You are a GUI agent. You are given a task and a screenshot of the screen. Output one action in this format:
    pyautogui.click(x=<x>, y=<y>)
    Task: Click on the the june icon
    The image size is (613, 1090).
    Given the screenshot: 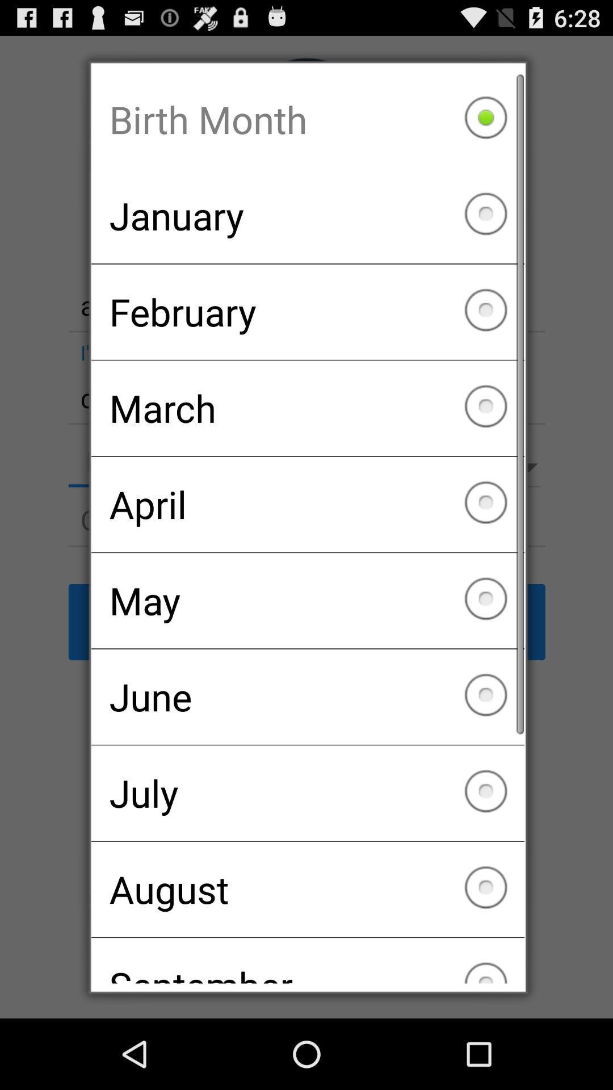 What is the action you would take?
    pyautogui.click(x=308, y=696)
    